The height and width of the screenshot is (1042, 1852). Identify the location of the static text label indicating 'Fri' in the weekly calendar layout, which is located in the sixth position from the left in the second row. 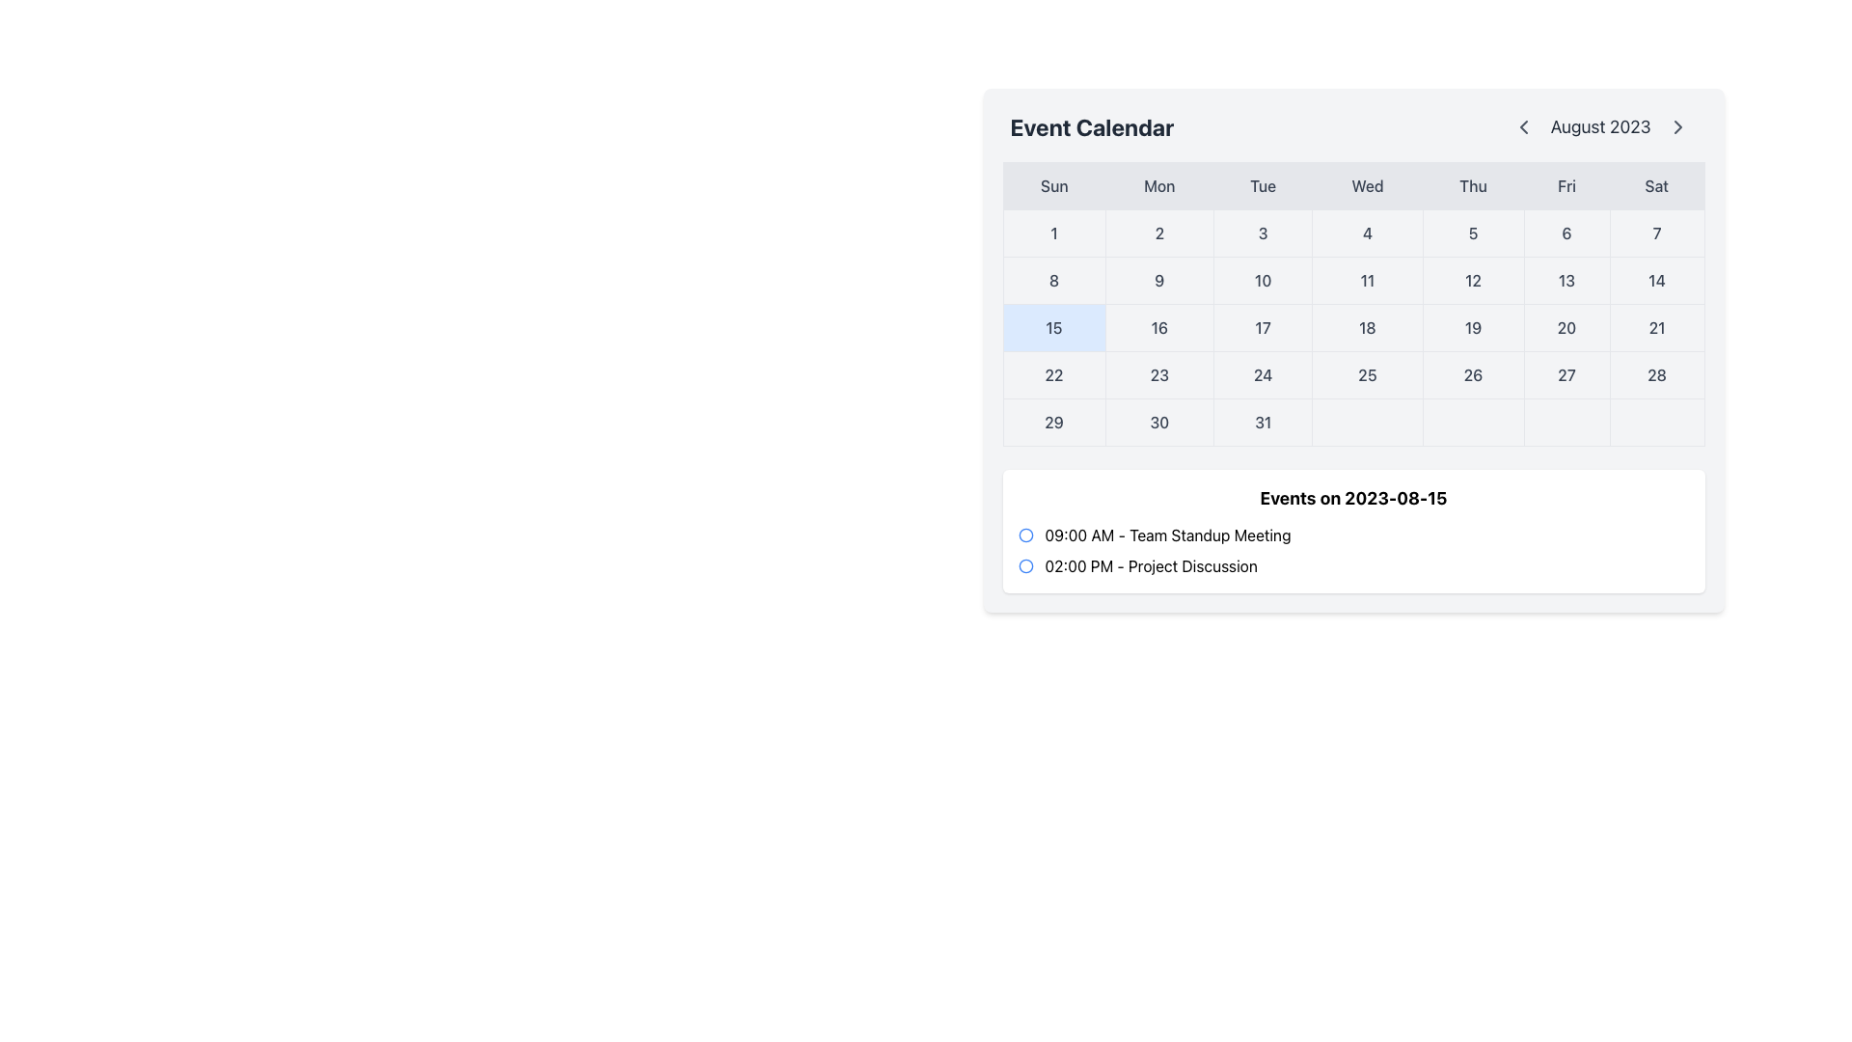
(1566, 185).